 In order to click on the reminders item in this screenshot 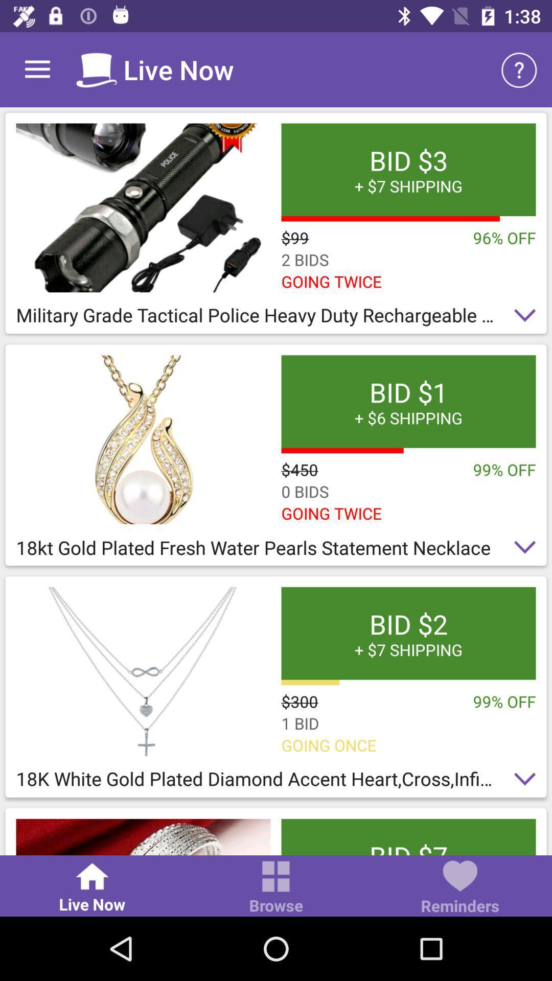, I will do `click(459, 888)`.